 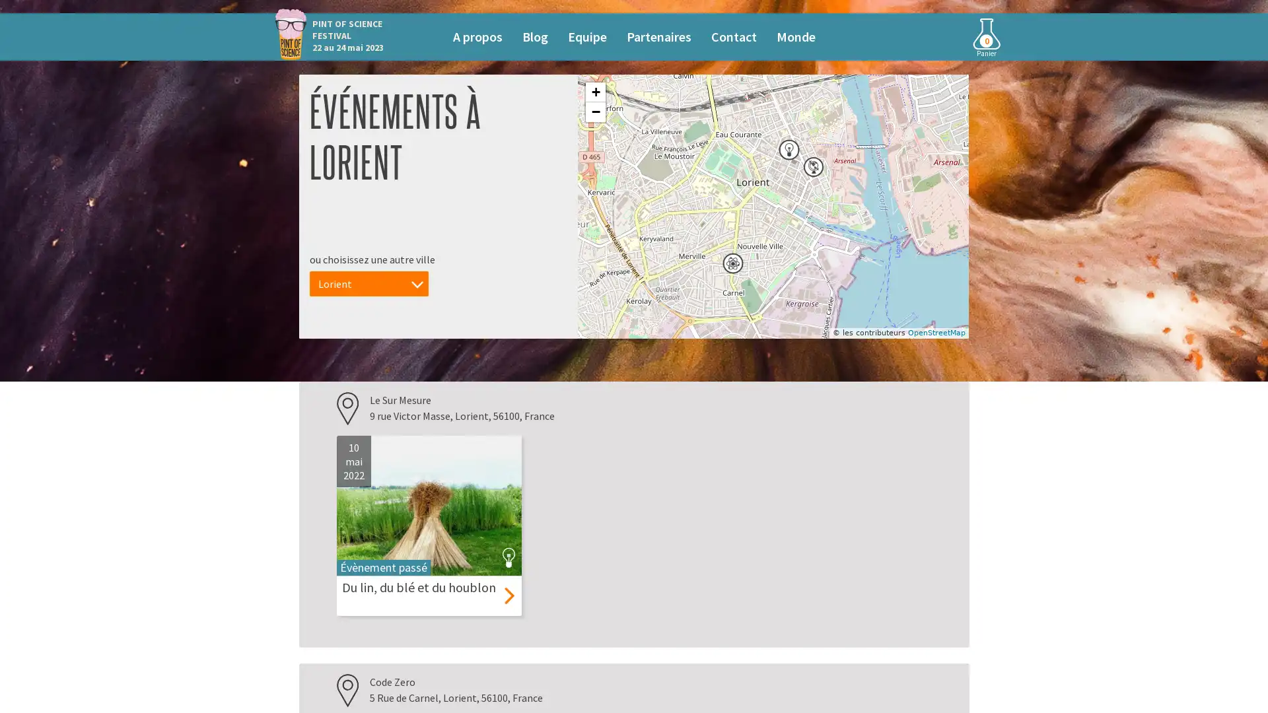 What do you see at coordinates (595, 91) in the screenshot?
I see `Zoom in` at bounding box center [595, 91].